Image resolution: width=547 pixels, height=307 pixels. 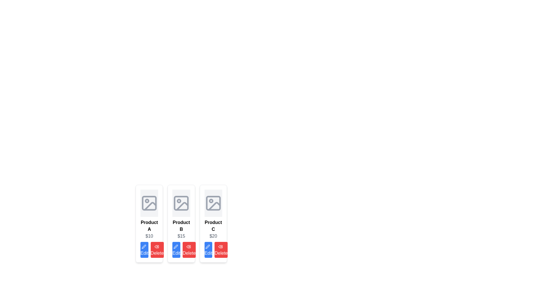 What do you see at coordinates (208, 250) in the screenshot?
I see `the 'Edit' button associated with 'Product C' to observe the hover effects` at bounding box center [208, 250].